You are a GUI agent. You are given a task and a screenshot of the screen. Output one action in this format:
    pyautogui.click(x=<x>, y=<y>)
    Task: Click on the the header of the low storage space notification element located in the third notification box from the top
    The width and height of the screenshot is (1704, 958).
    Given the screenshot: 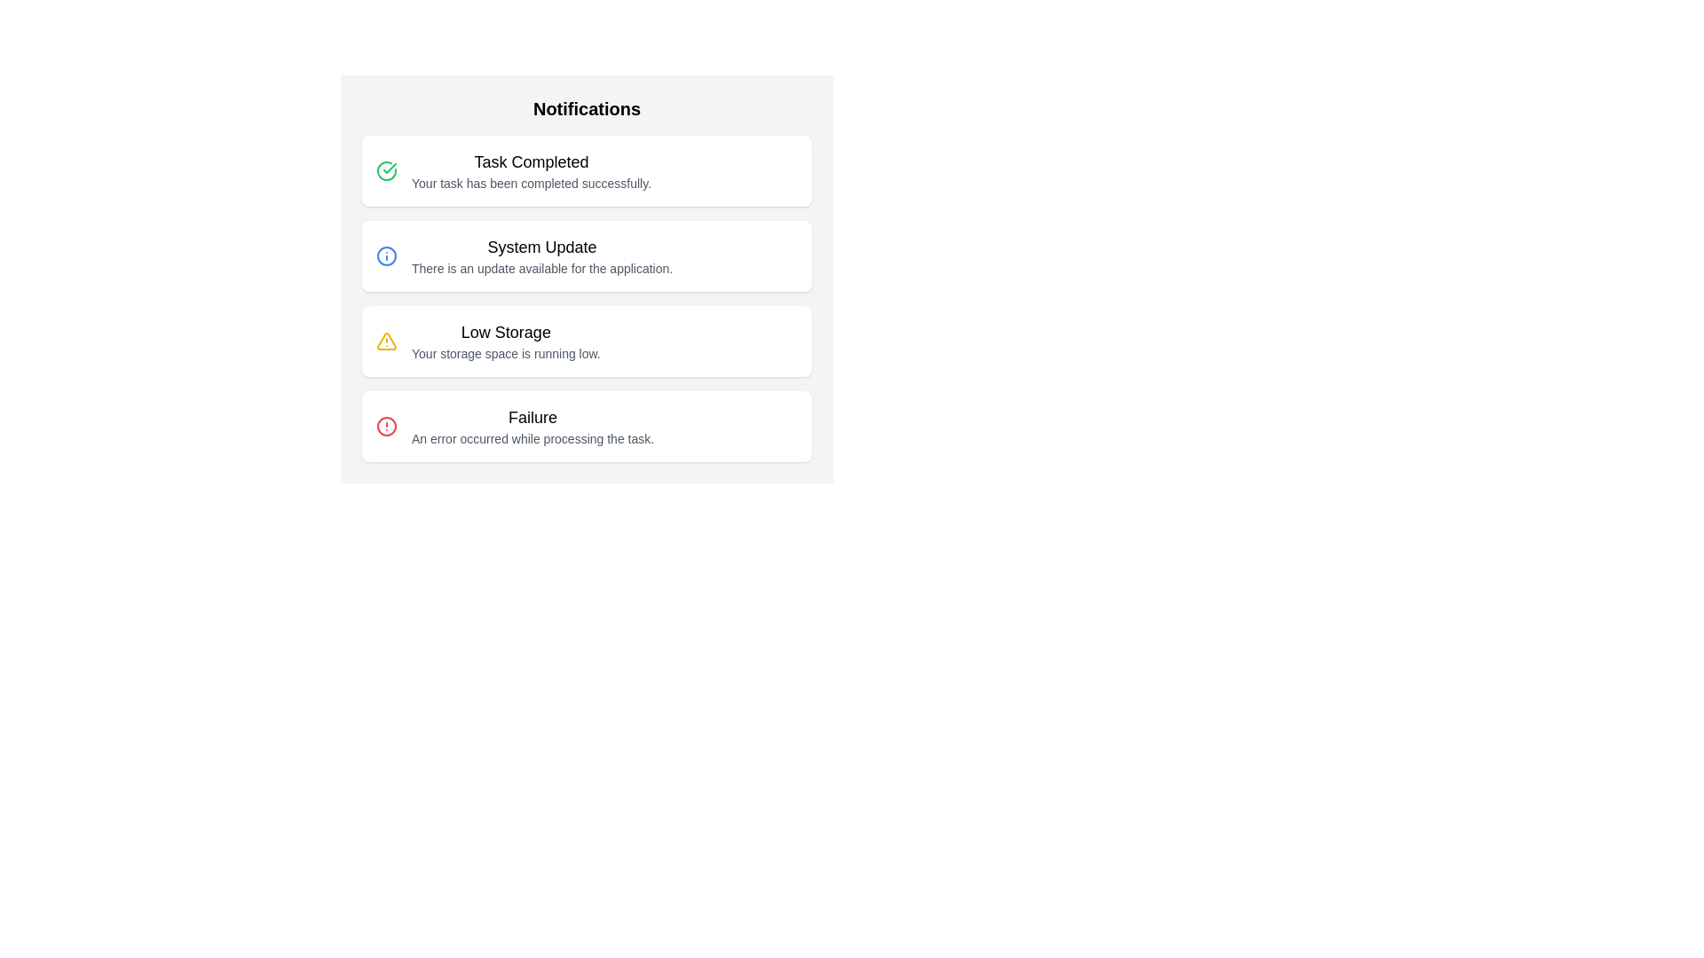 What is the action you would take?
    pyautogui.click(x=505, y=342)
    